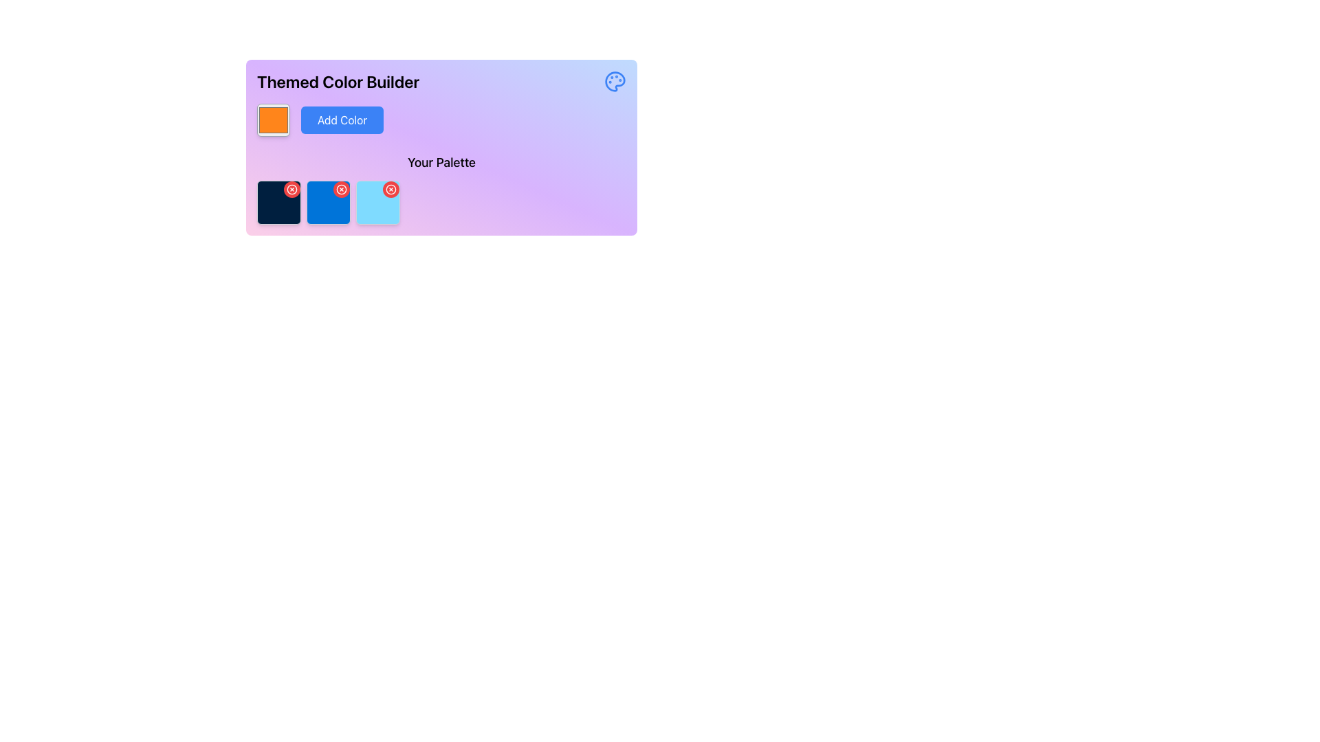 Image resolution: width=1320 pixels, height=742 pixels. Describe the element at coordinates (390, 190) in the screenshot. I see `the circular red button with an 'X' icon located at the top-right corner of the third square card in the palette section` at that location.